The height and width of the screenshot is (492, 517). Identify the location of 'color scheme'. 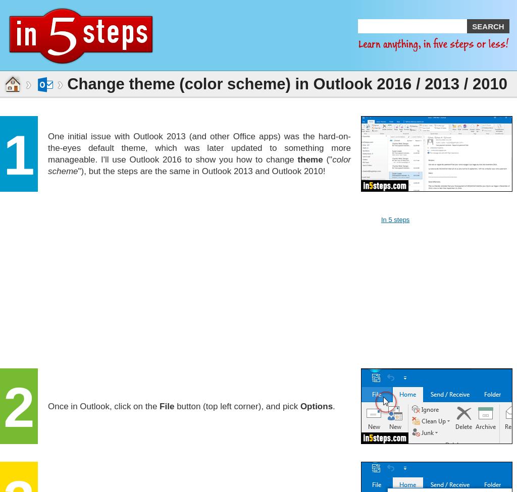
(198, 165).